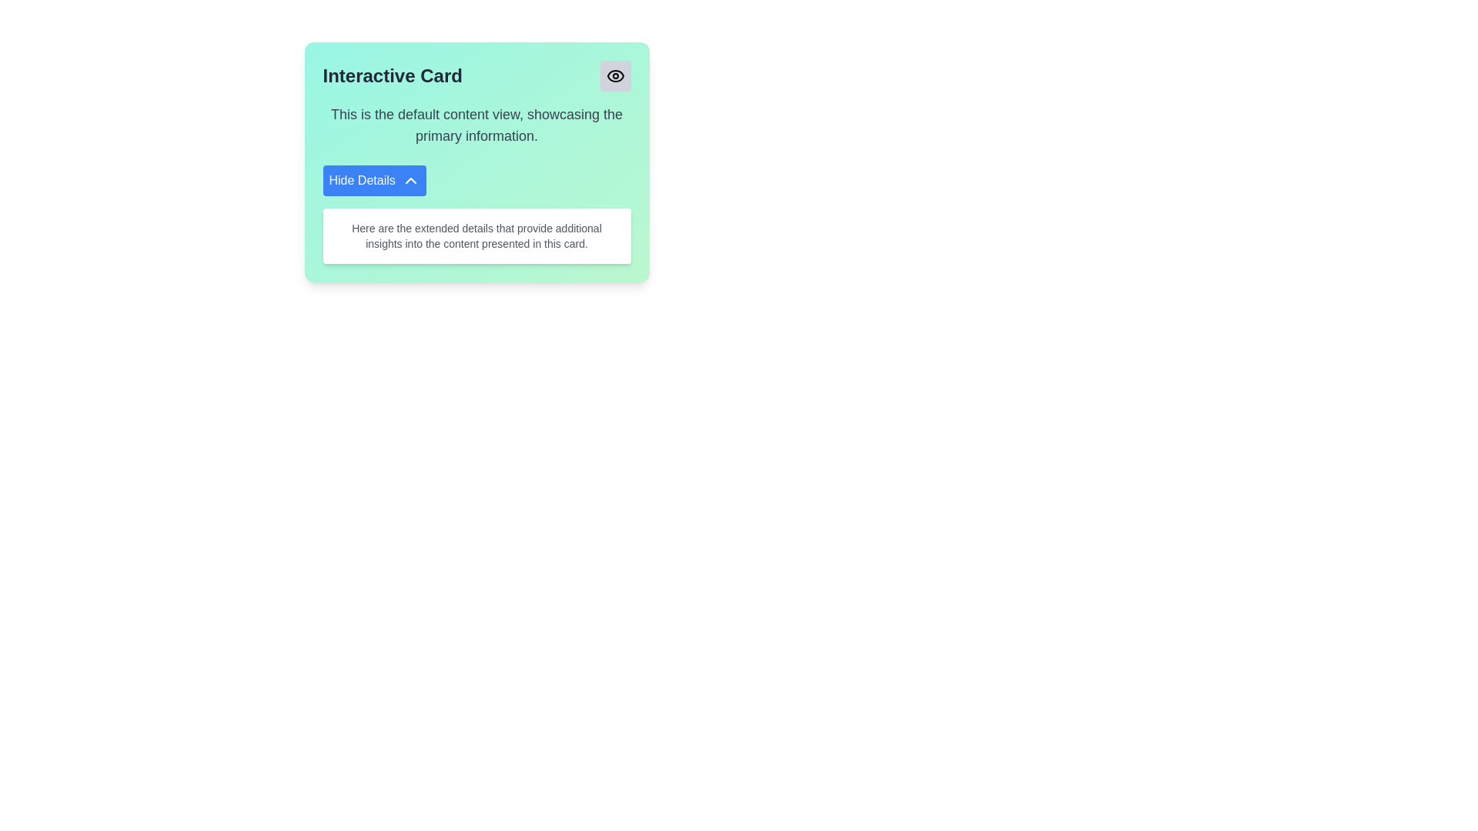 Image resolution: width=1478 pixels, height=831 pixels. What do you see at coordinates (614, 76) in the screenshot?
I see `the eye icon located in the top-right corner of the 'Interactive Card' box, which features a minimalist black line design on a transparent background` at bounding box center [614, 76].